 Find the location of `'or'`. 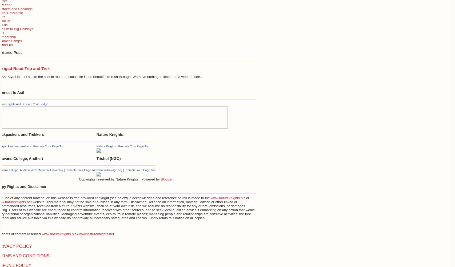

'or' is located at coordinates (247, 198).